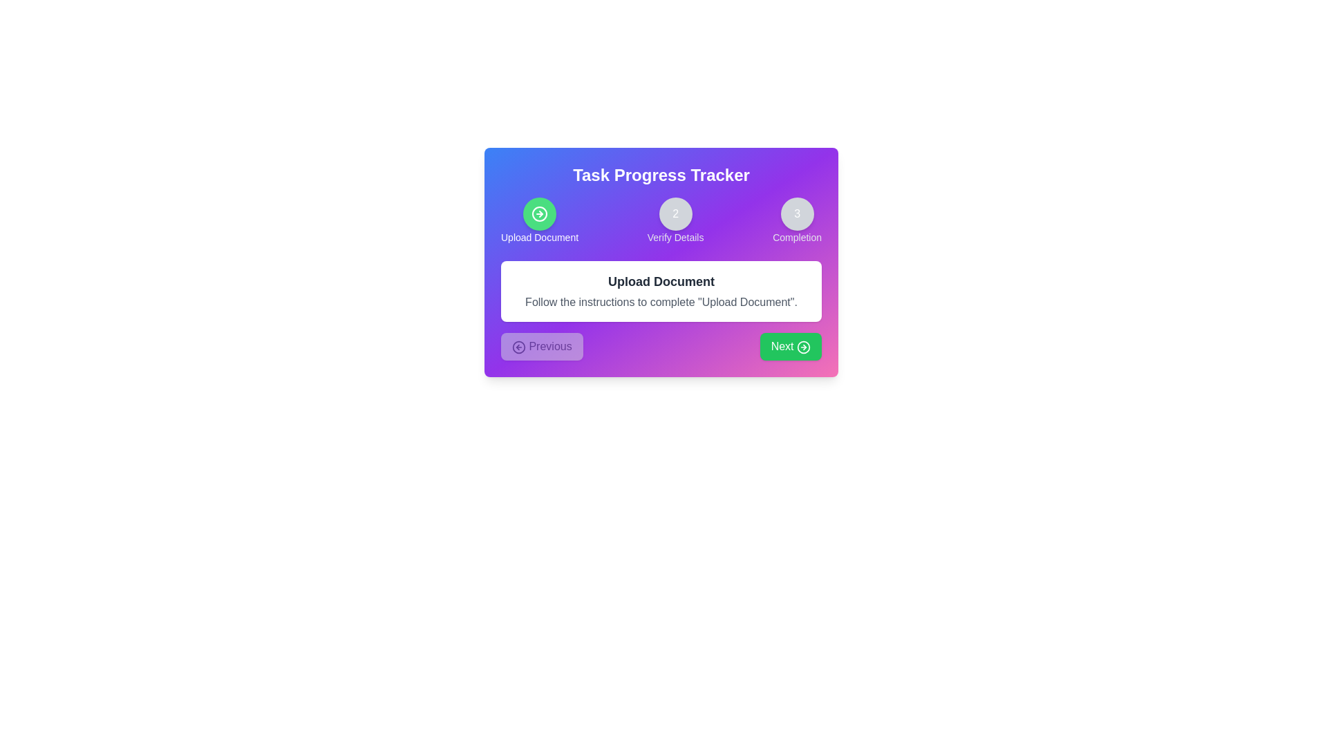 This screenshot has height=746, width=1327. What do you see at coordinates (539, 213) in the screenshot?
I see `the active step indicator represented by the green circle with a checkmark` at bounding box center [539, 213].